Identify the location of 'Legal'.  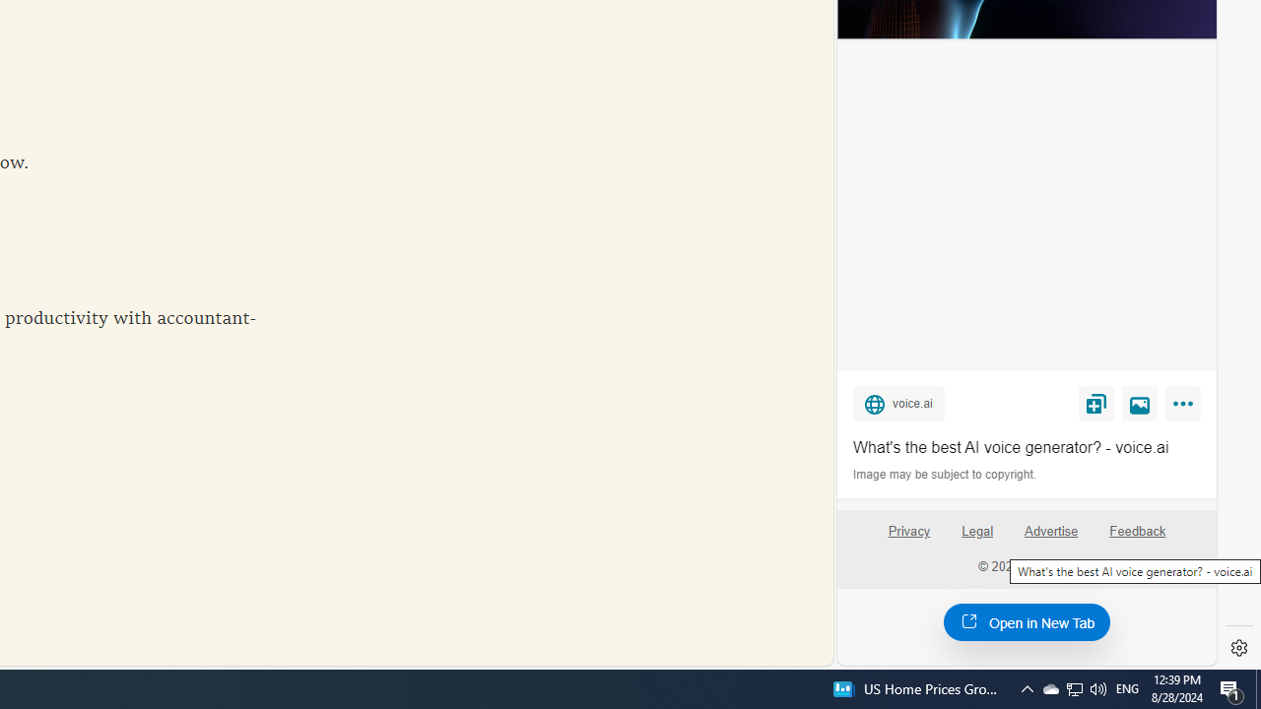
(977, 539).